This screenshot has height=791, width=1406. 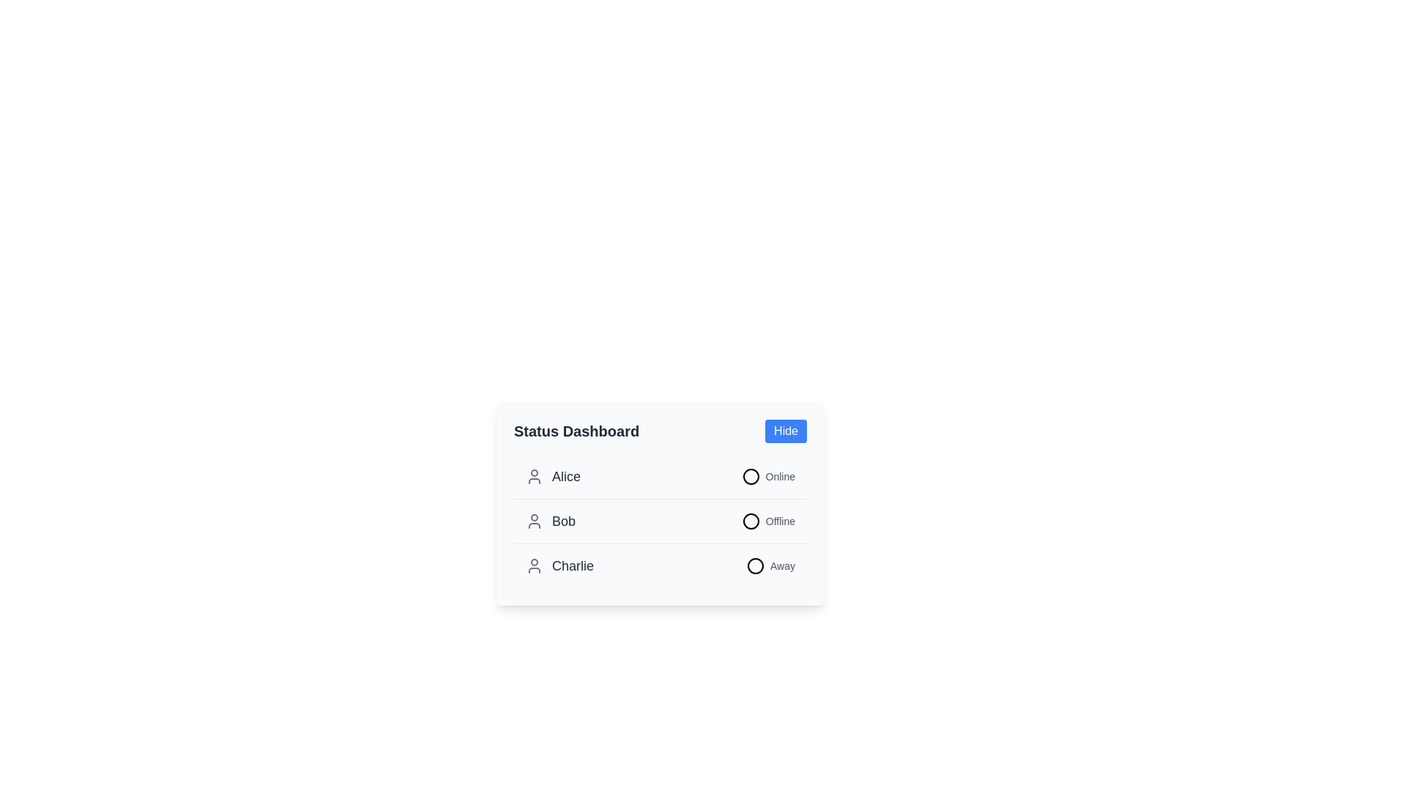 What do you see at coordinates (756, 565) in the screenshot?
I see `the circular status indicator located to the right of the 'Charlie' label, which is the third indicator in a vertical list of similar elements` at bounding box center [756, 565].